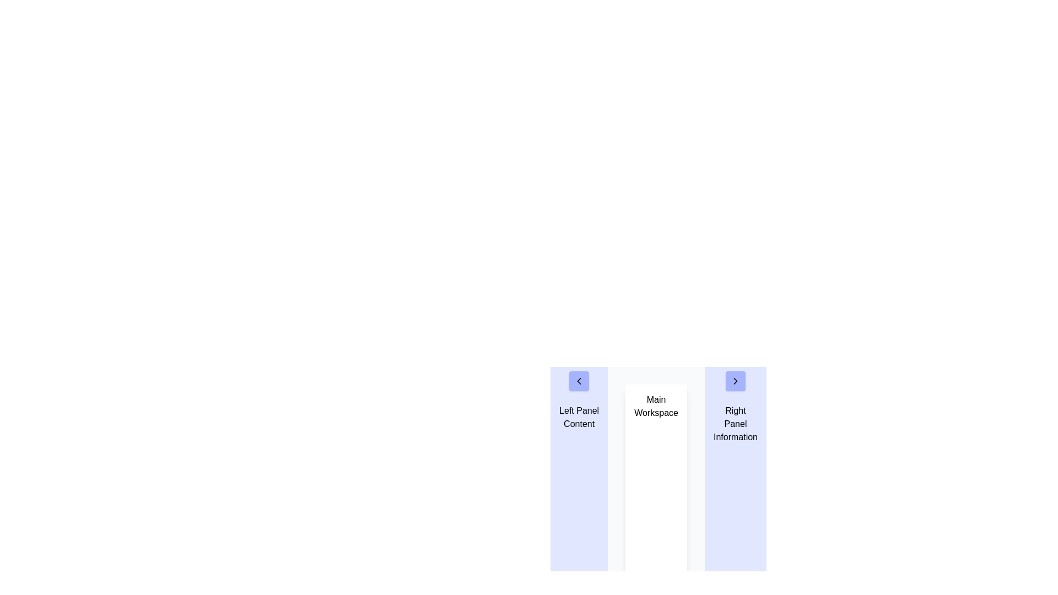  Describe the element at coordinates (735, 380) in the screenshot. I see `the button in the top-center area of the right panel titled 'Right Panel Information' to highlight it` at that location.